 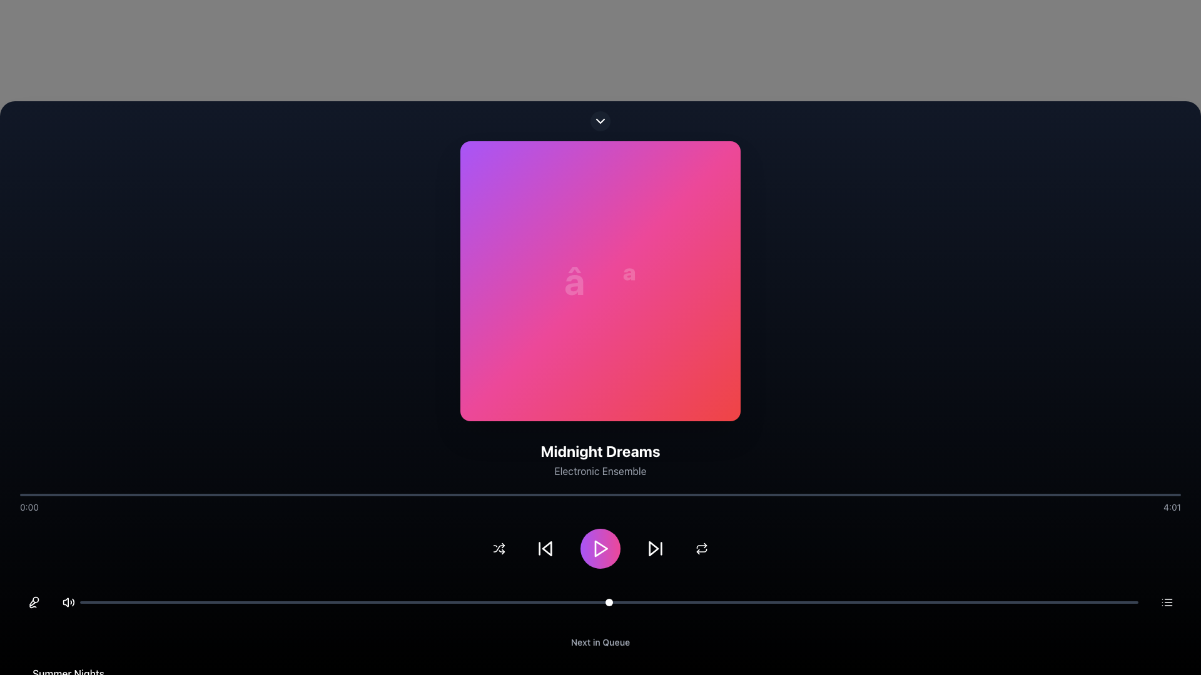 What do you see at coordinates (600, 507) in the screenshot?
I see `the time indicators of the progress bar located at the bottom part of the application interface` at bounding box center [600, 507].